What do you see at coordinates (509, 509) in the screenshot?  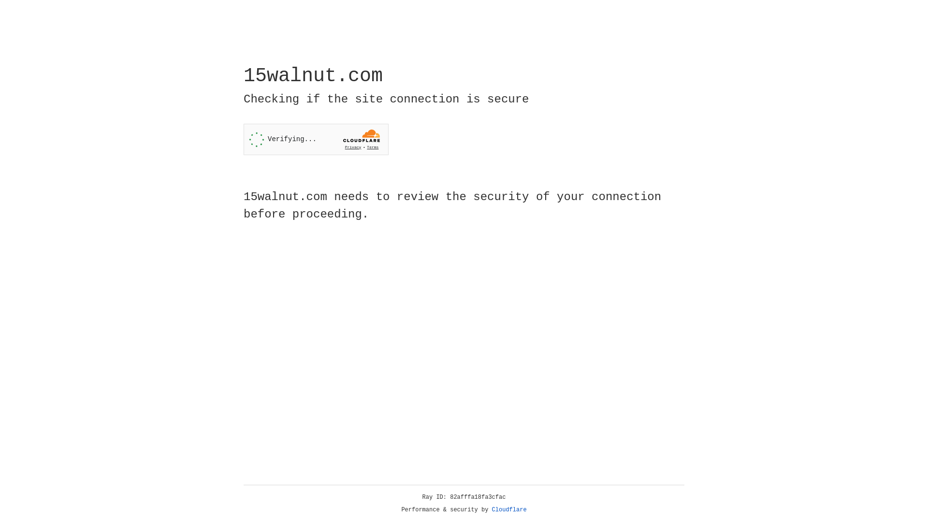 I see `'Cloudflare'` at bounding box center [509, 509].